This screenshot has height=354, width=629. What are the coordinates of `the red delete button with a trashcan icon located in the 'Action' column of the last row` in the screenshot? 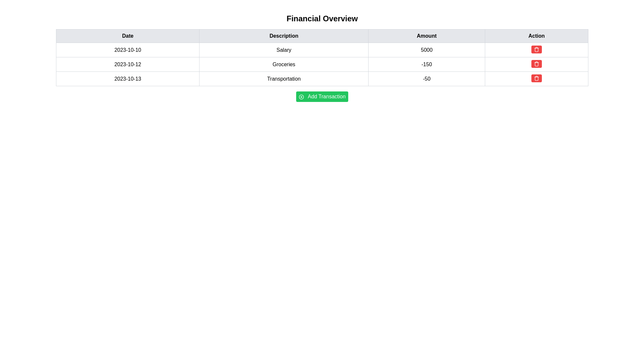 It's located at (536, 78).